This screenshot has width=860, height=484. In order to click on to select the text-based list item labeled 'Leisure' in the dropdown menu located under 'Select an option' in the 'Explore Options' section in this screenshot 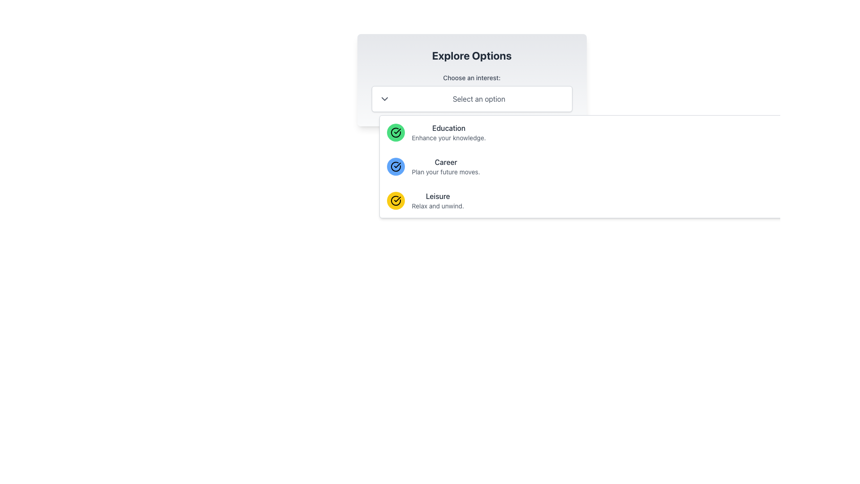, I will do `click(438, 200)`.